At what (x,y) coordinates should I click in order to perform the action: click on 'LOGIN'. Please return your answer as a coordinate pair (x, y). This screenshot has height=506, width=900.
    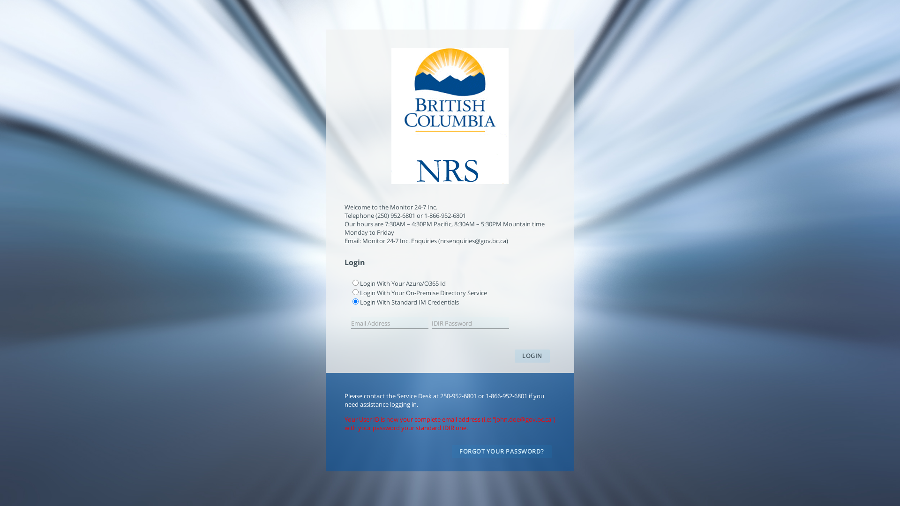
    Looking at the image, I should click on (532, 356).